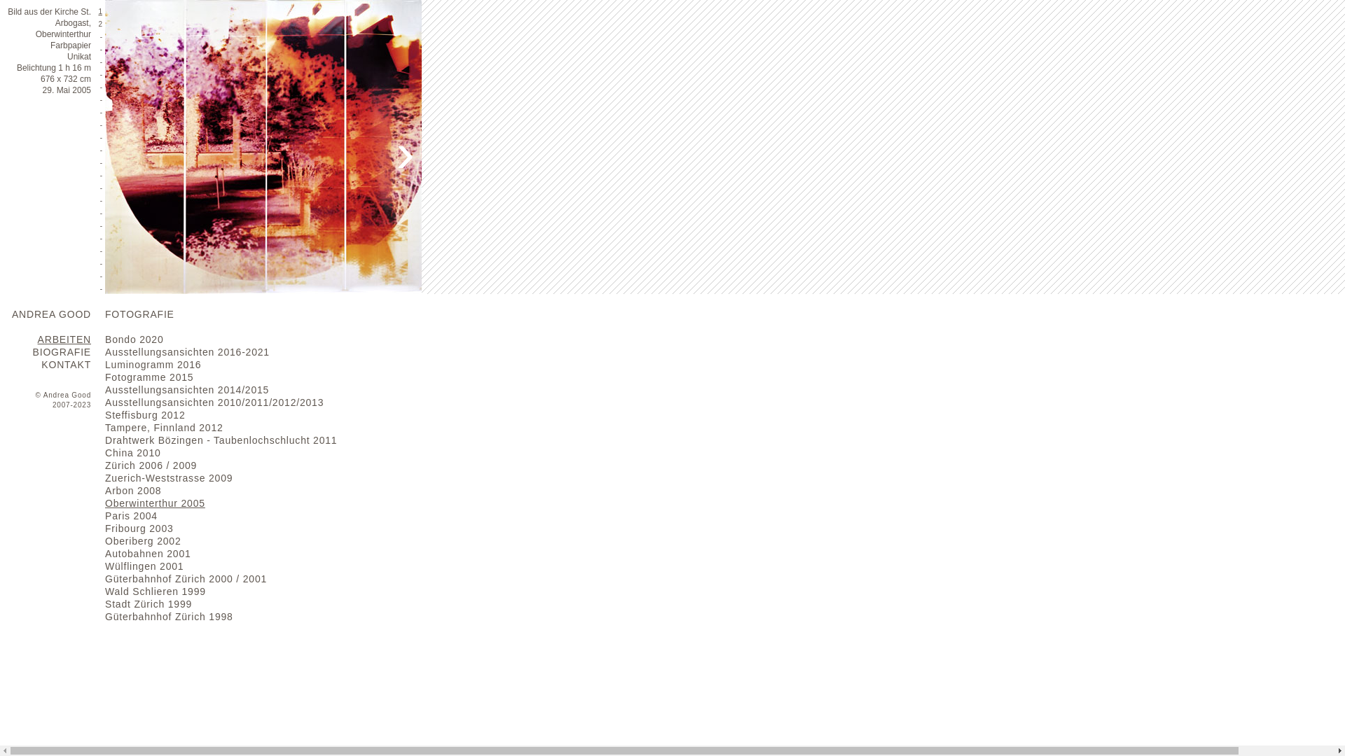 Image resolution: width=1345 pixels, height=756 pixels. What do you see at coordinates (143, 540) in the screenshot?
I see `'Oberiberg 2002'` at bounding box center [143, 540].